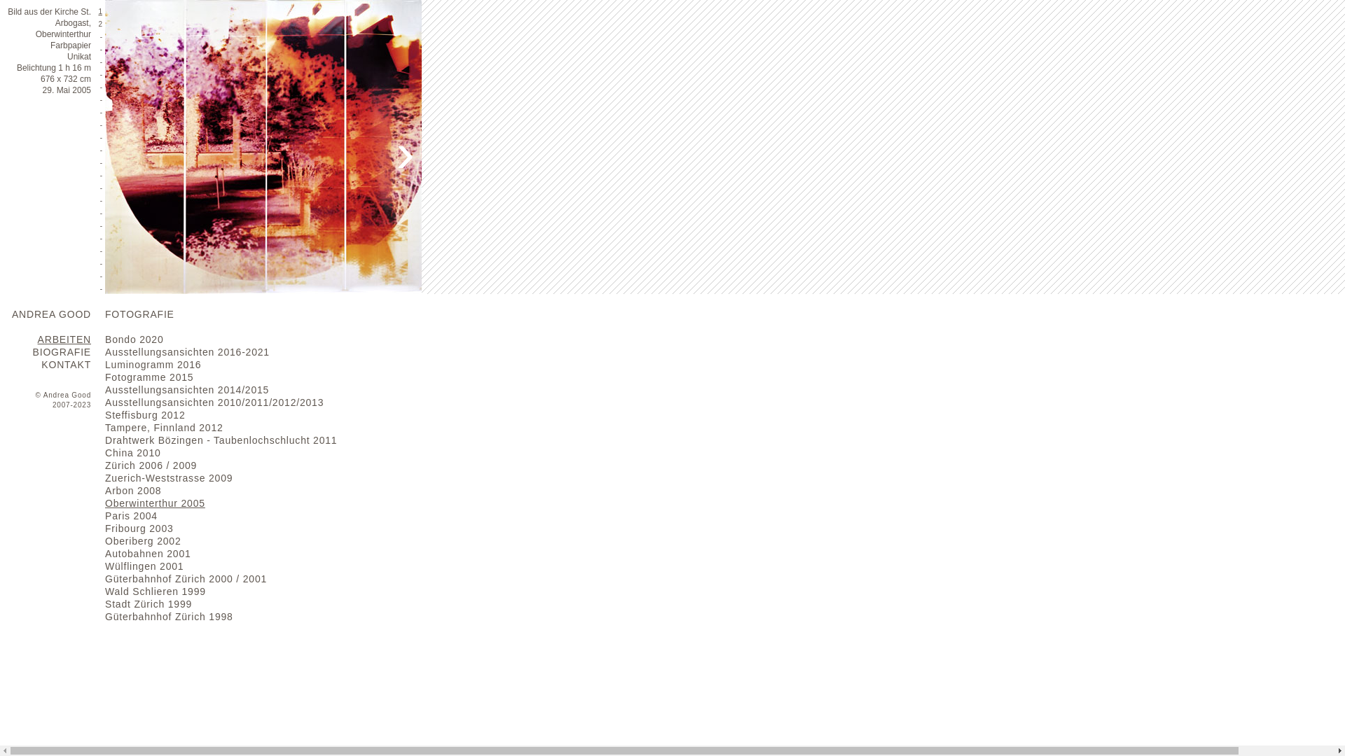 Image resolution: width=1345 pixels, height=756 pixels. What do you see at coordinates (143, 540) in the screenshot?
I see `'Oberiberg 2002'` at bounding box center [143, 540].